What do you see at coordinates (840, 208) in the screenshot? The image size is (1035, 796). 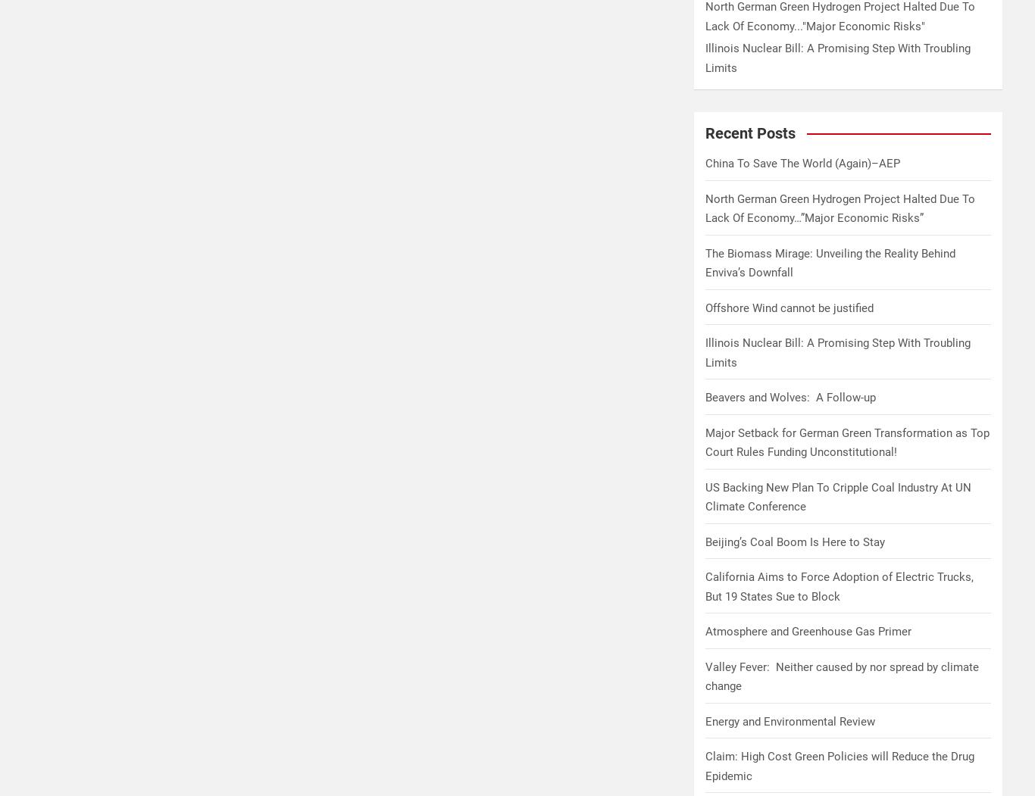 I see `'North German Green Hydrogen Project Halted Due To Lack Of Economy…”Major Economic Risks”'` at bounding box center [840, 208].